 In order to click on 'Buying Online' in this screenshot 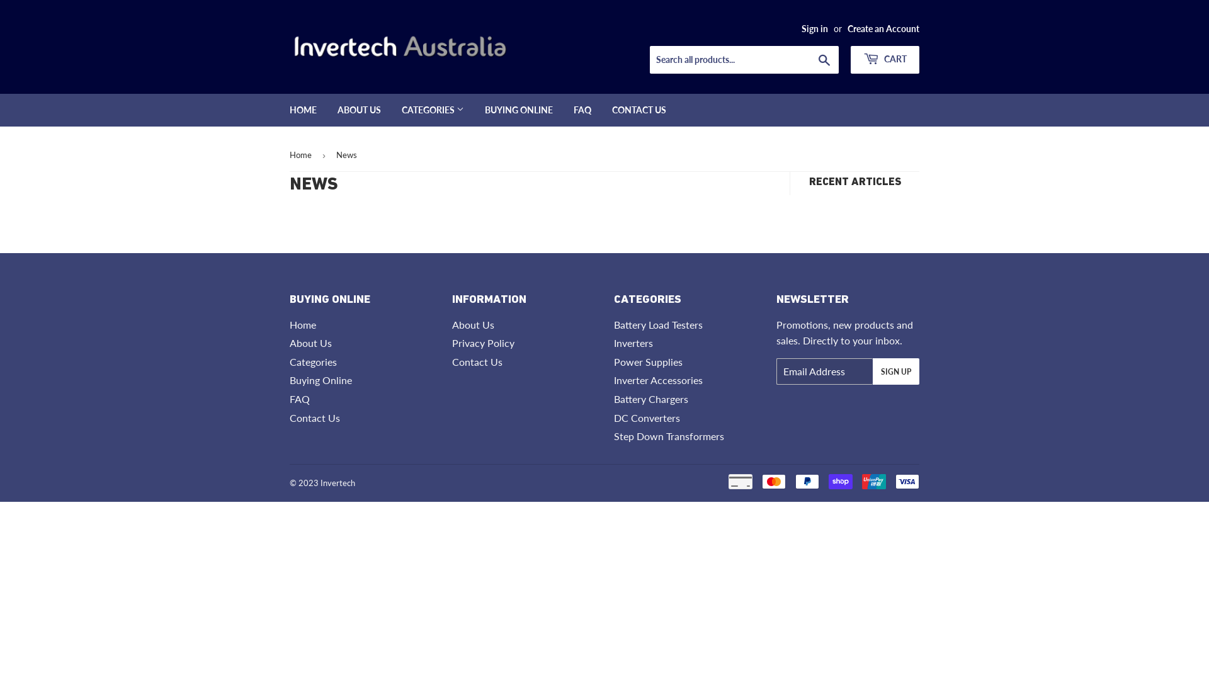, I will do `click(321, 379)`.